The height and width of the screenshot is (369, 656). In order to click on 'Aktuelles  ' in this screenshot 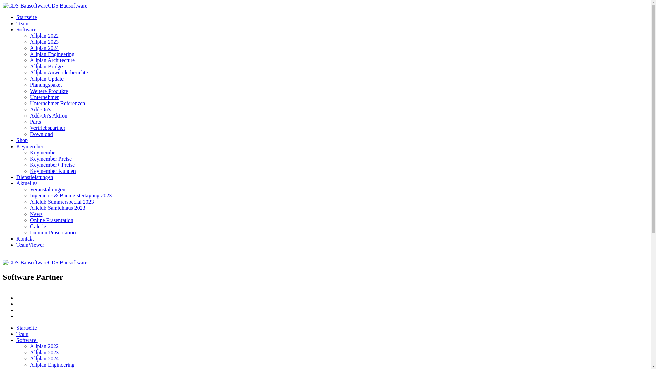, I will do `click(28, 183)`.